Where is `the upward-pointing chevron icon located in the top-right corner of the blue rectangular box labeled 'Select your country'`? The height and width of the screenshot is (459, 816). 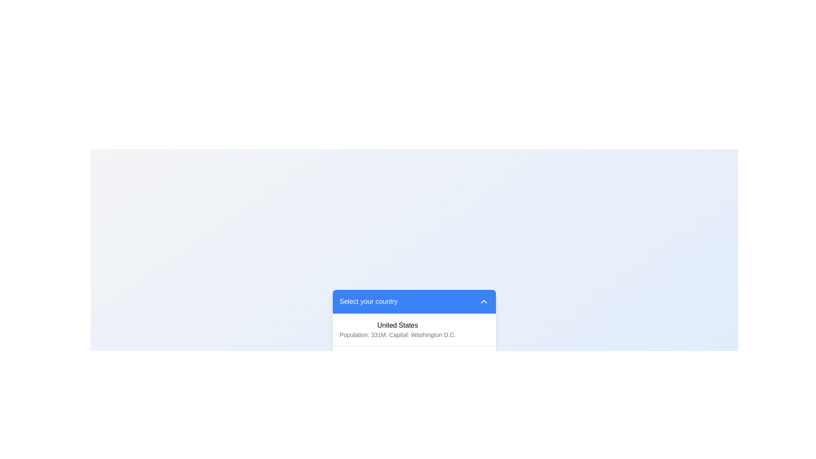
the upward-pointing chevron icon located in the top-right corner of the blue rectangular box labeled 'Select your country' is located at coordinates (484, 301).